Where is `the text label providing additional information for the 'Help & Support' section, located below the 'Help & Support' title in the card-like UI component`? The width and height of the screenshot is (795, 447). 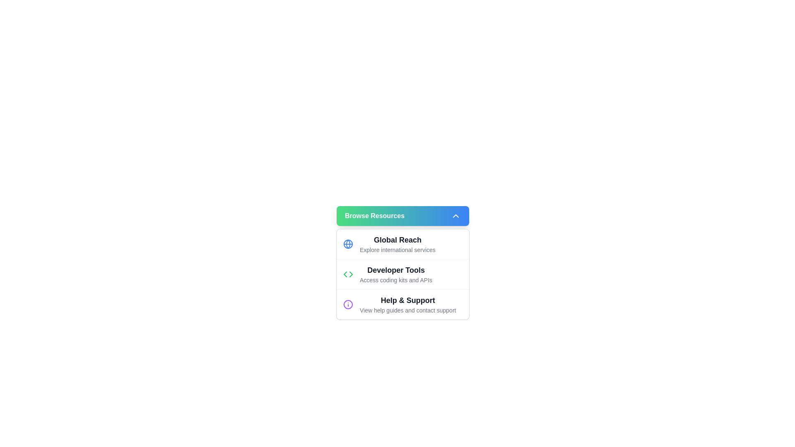
the text label providing additional information for the 'Help & Support' section, located below the 'Help & Support' title in the card-like UI component is located at coordinates (408, 310).